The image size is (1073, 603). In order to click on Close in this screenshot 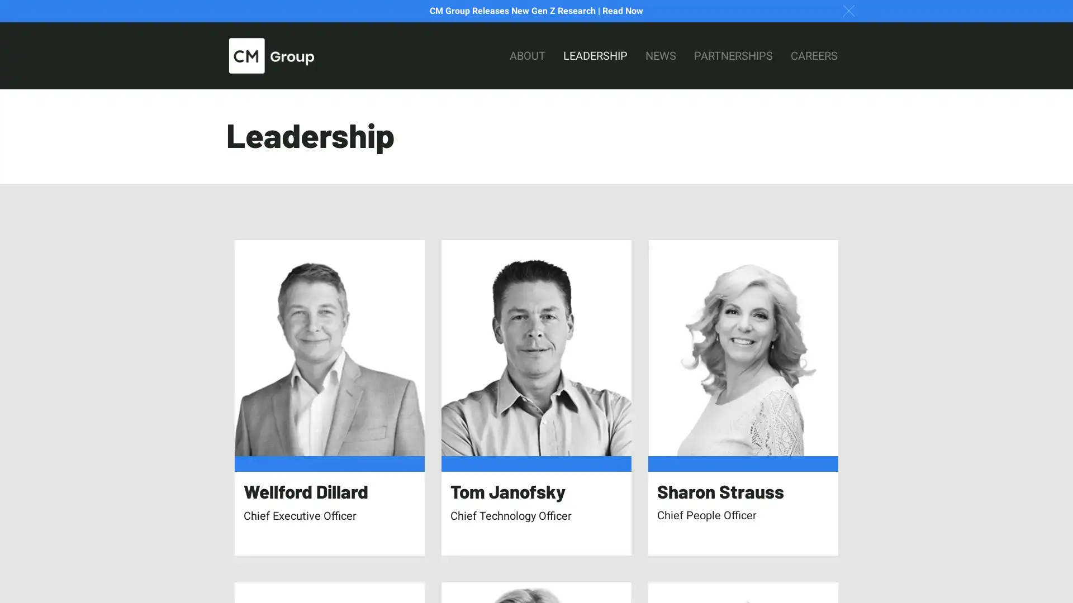, I will do `click(848, 10)`.